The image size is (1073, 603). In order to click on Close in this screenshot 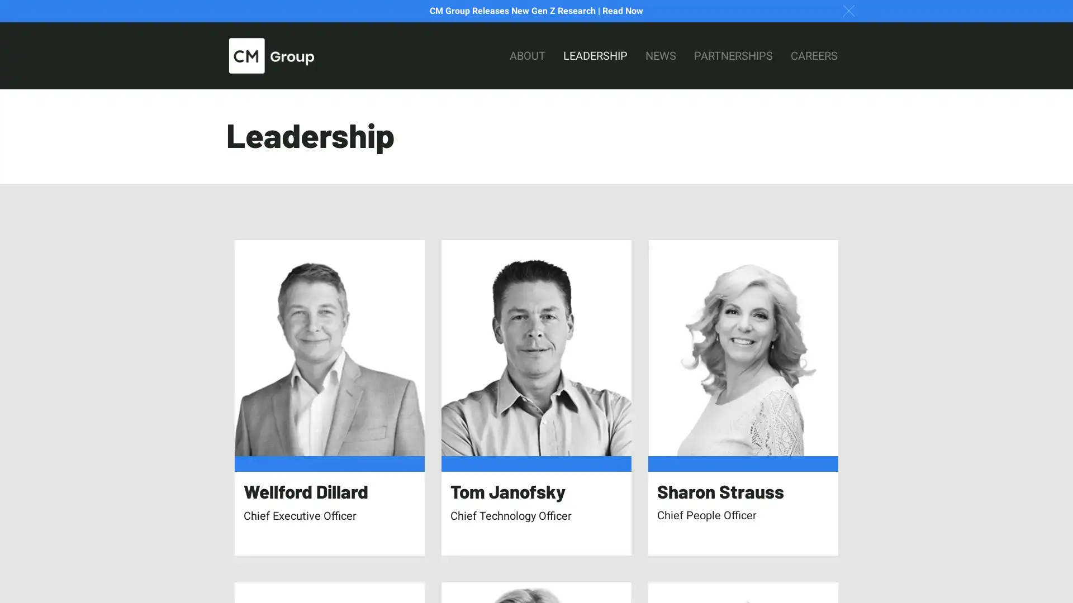, I will do `click(848, 10)`.